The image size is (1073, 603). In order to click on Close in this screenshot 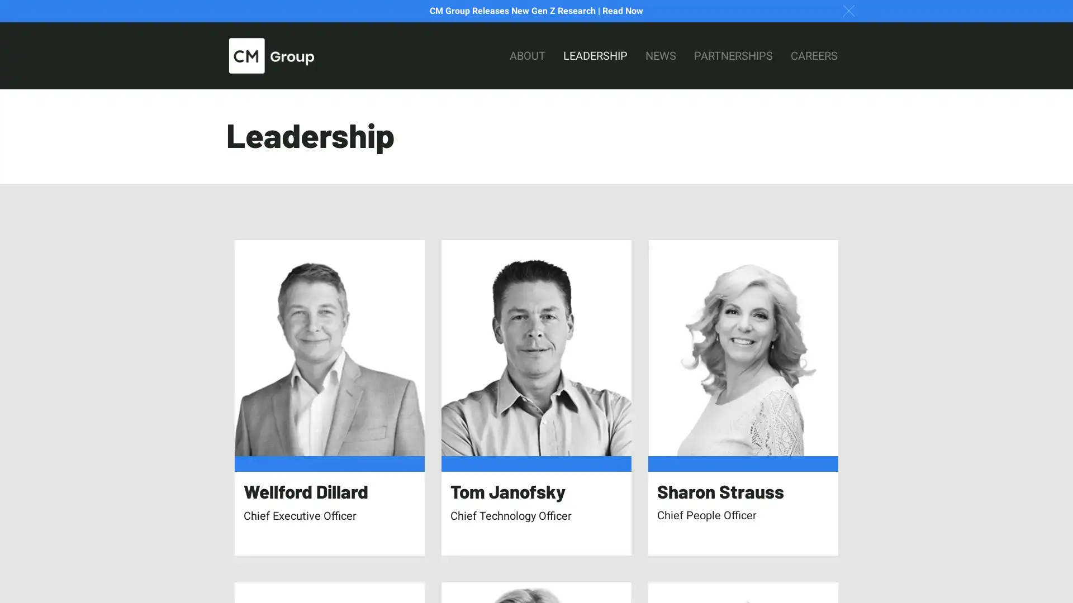, I will do `click(848, 10)`.